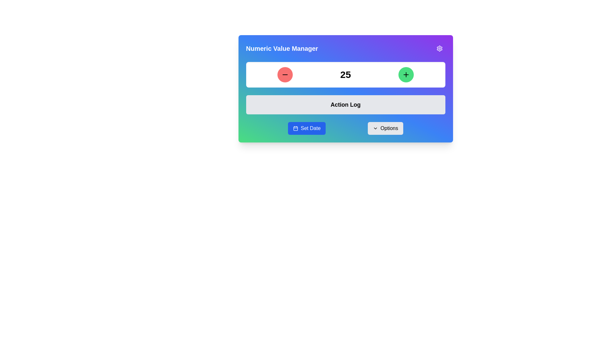 This screenshot has width=613, height=345. What do you see at coordinates (439, 48) in the screenshot?
I see `the gear icon within the purple circular button located at the top-right corner of the interface` at bounding box center [439, 48].